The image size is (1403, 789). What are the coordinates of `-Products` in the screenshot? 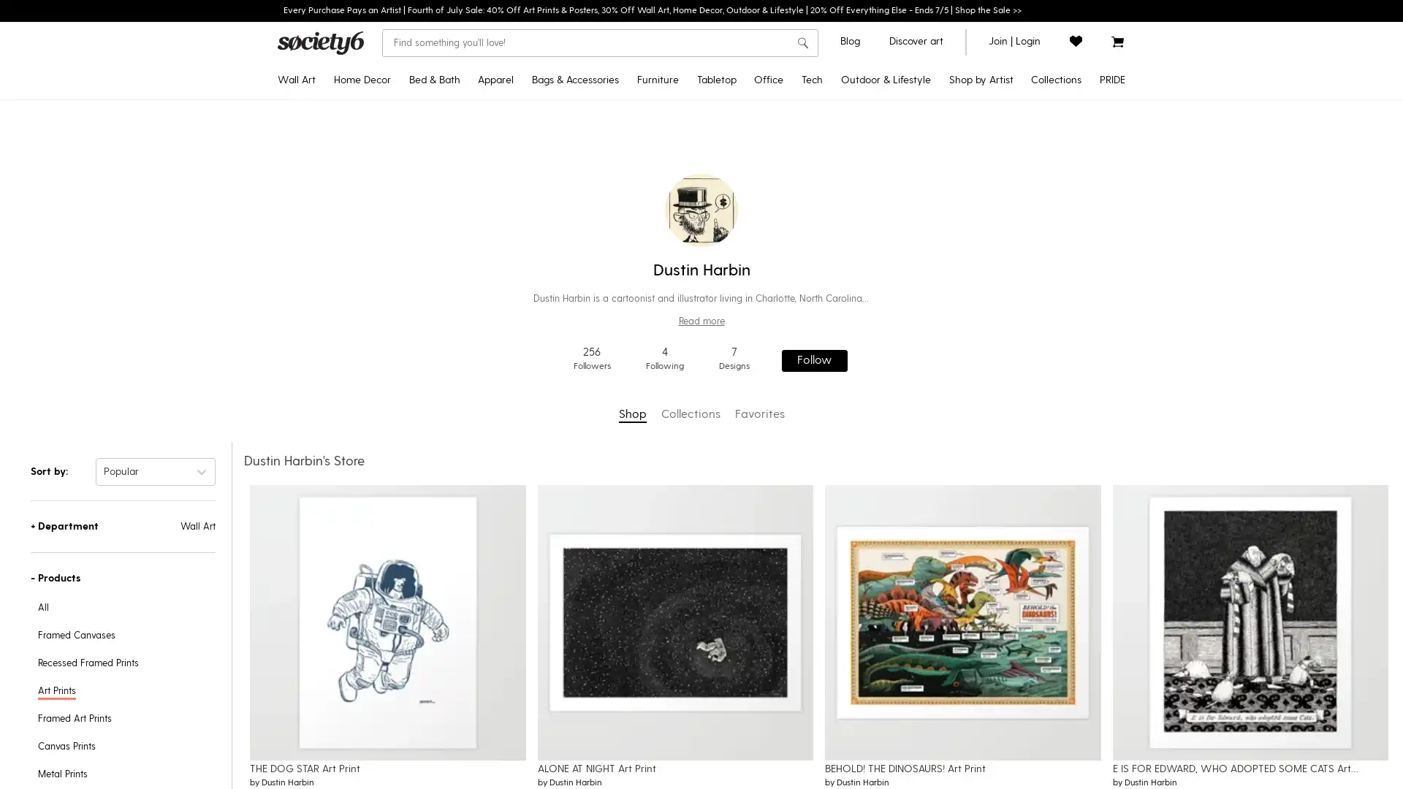 It's located at (123, 576).